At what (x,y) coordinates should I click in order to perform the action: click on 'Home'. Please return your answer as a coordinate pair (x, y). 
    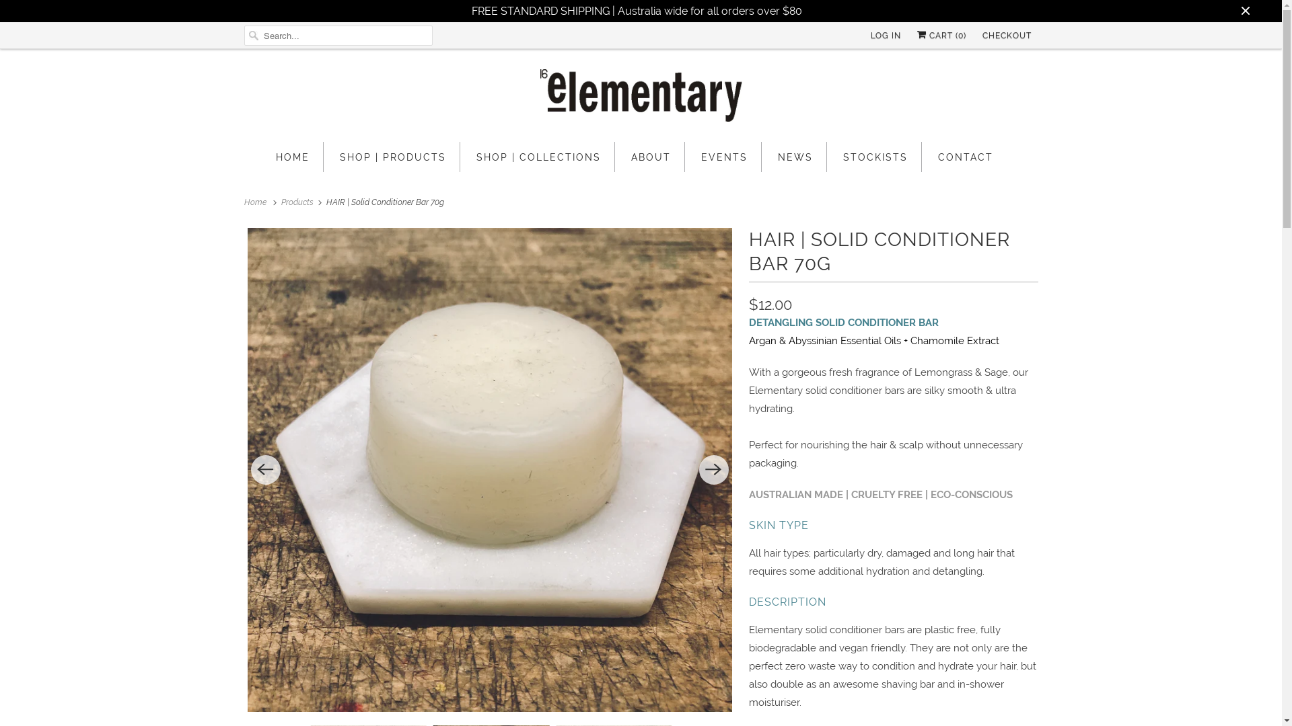
    Looking at the image, I should click on (256, 202).